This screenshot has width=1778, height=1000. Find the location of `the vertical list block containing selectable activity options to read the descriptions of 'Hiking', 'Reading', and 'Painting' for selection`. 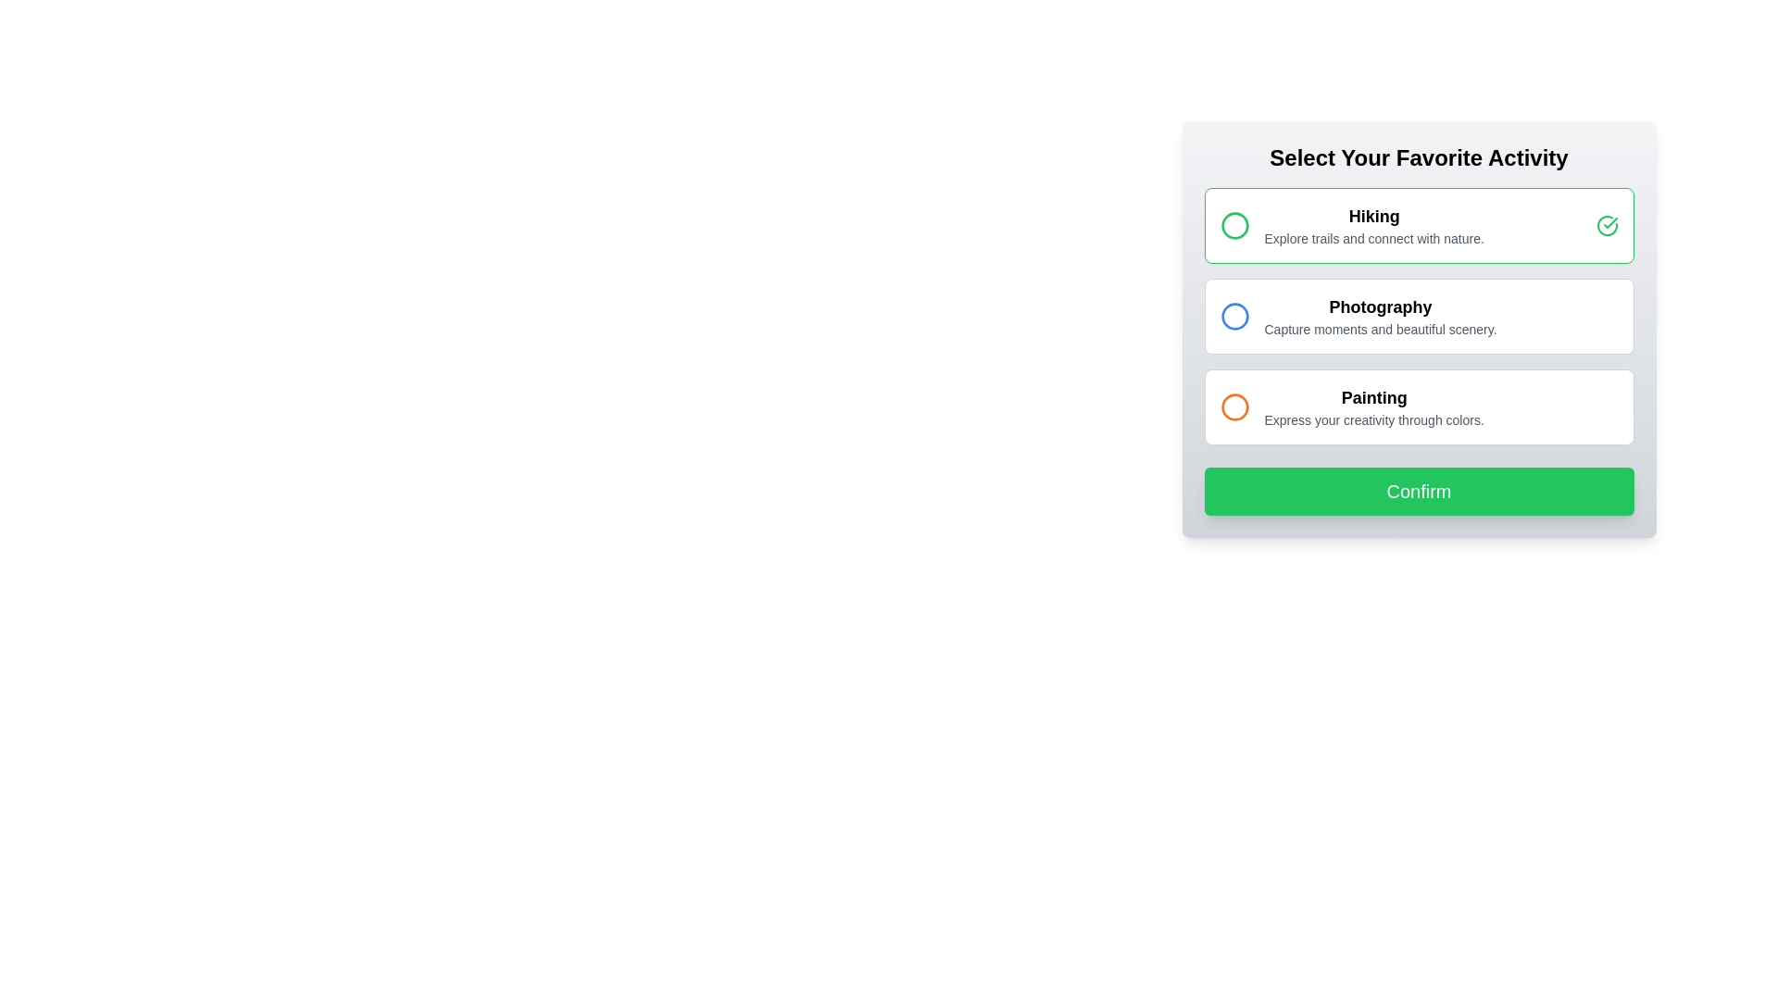

the vertical list block containing selectable activity options to read the descriptions of 'Hiking', 'Reading', and 'Painting' for selection is located at coordinates (1418, 316).